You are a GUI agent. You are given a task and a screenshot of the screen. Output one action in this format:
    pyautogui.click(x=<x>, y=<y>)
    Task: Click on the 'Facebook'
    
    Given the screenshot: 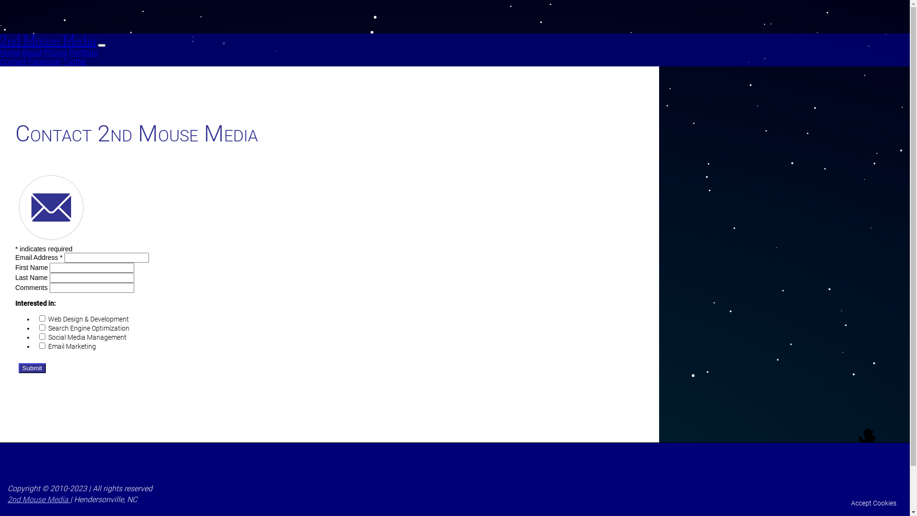 What is the action you would take?
    pyautogui.click(x=44, y=62)
    